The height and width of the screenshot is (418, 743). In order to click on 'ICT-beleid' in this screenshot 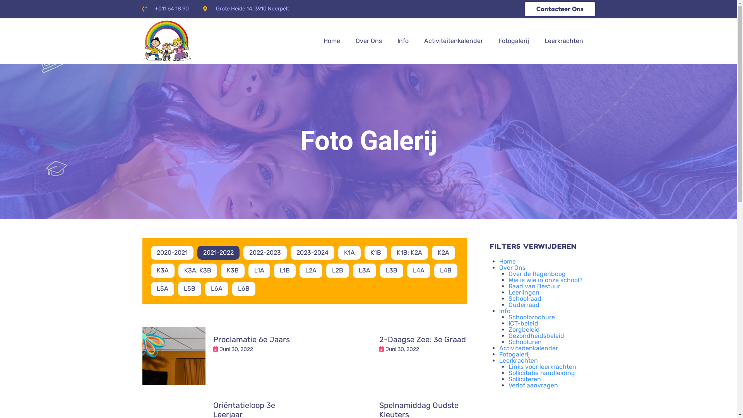, I will do `click(523, 323)`.